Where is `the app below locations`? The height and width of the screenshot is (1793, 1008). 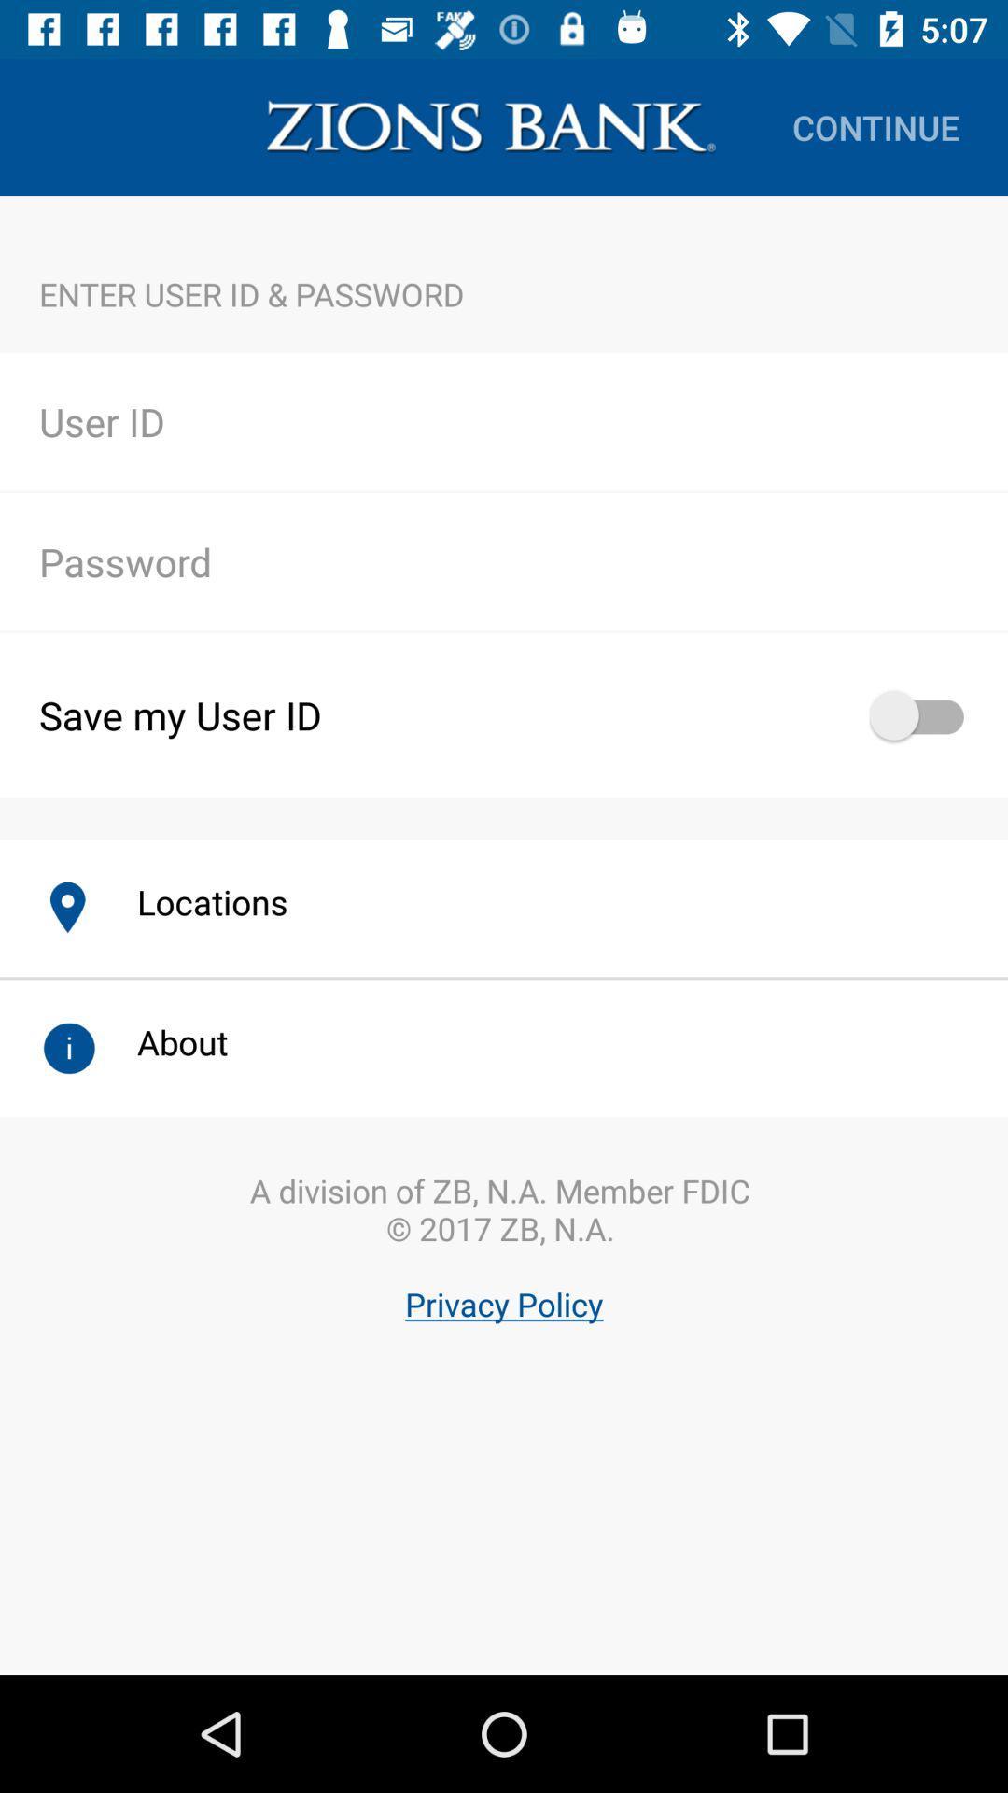 the app below locations is located at coordinates (504, 1296).